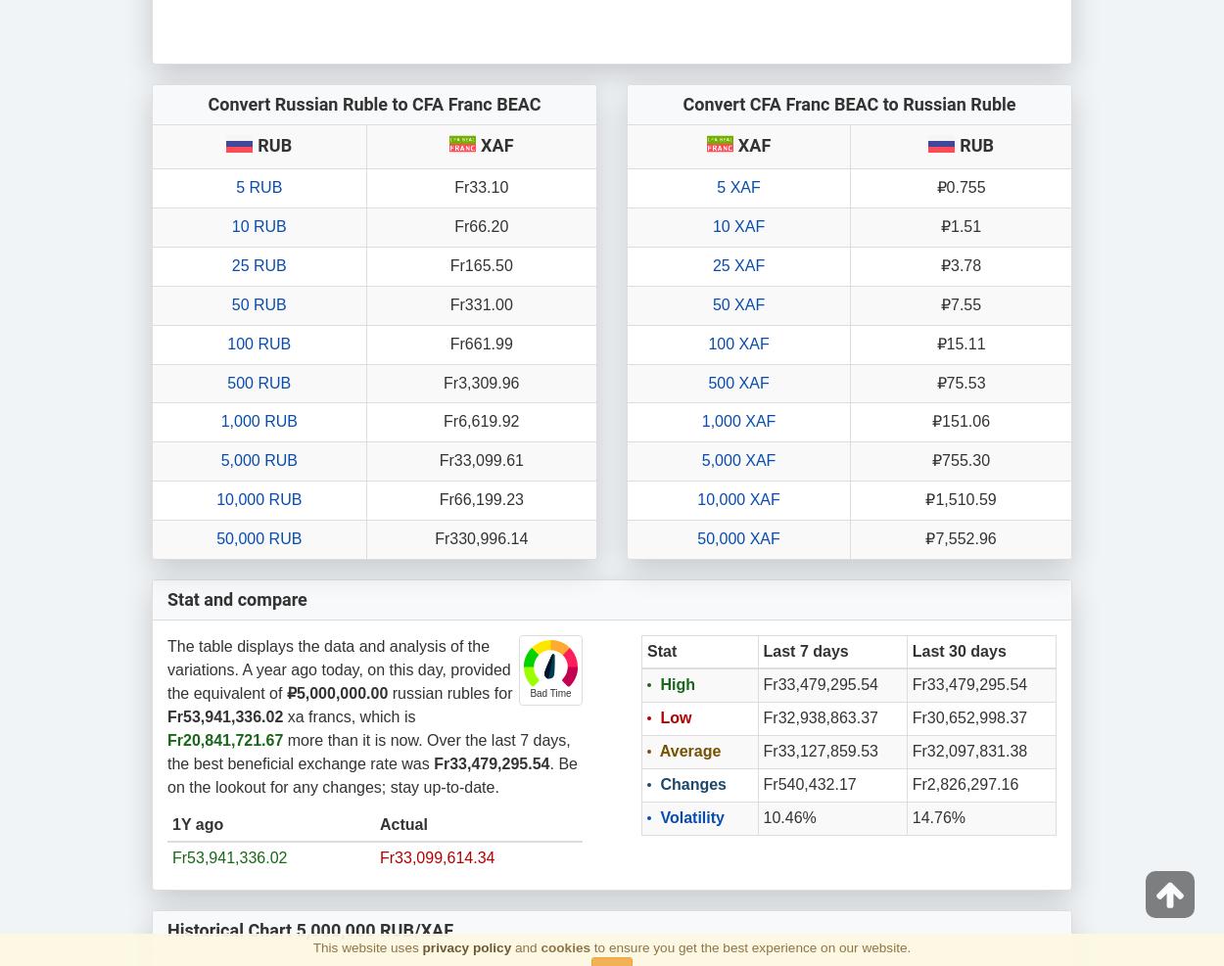  What do you see at coordinates (804, 650) in the screenshot?
I see `'Last 7 days'` at bounding box center [804, 650].